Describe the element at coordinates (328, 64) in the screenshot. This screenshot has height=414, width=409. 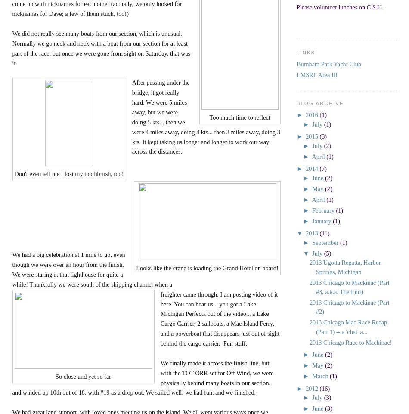
I see `'Burnham Park Yacht Club'` at that location.